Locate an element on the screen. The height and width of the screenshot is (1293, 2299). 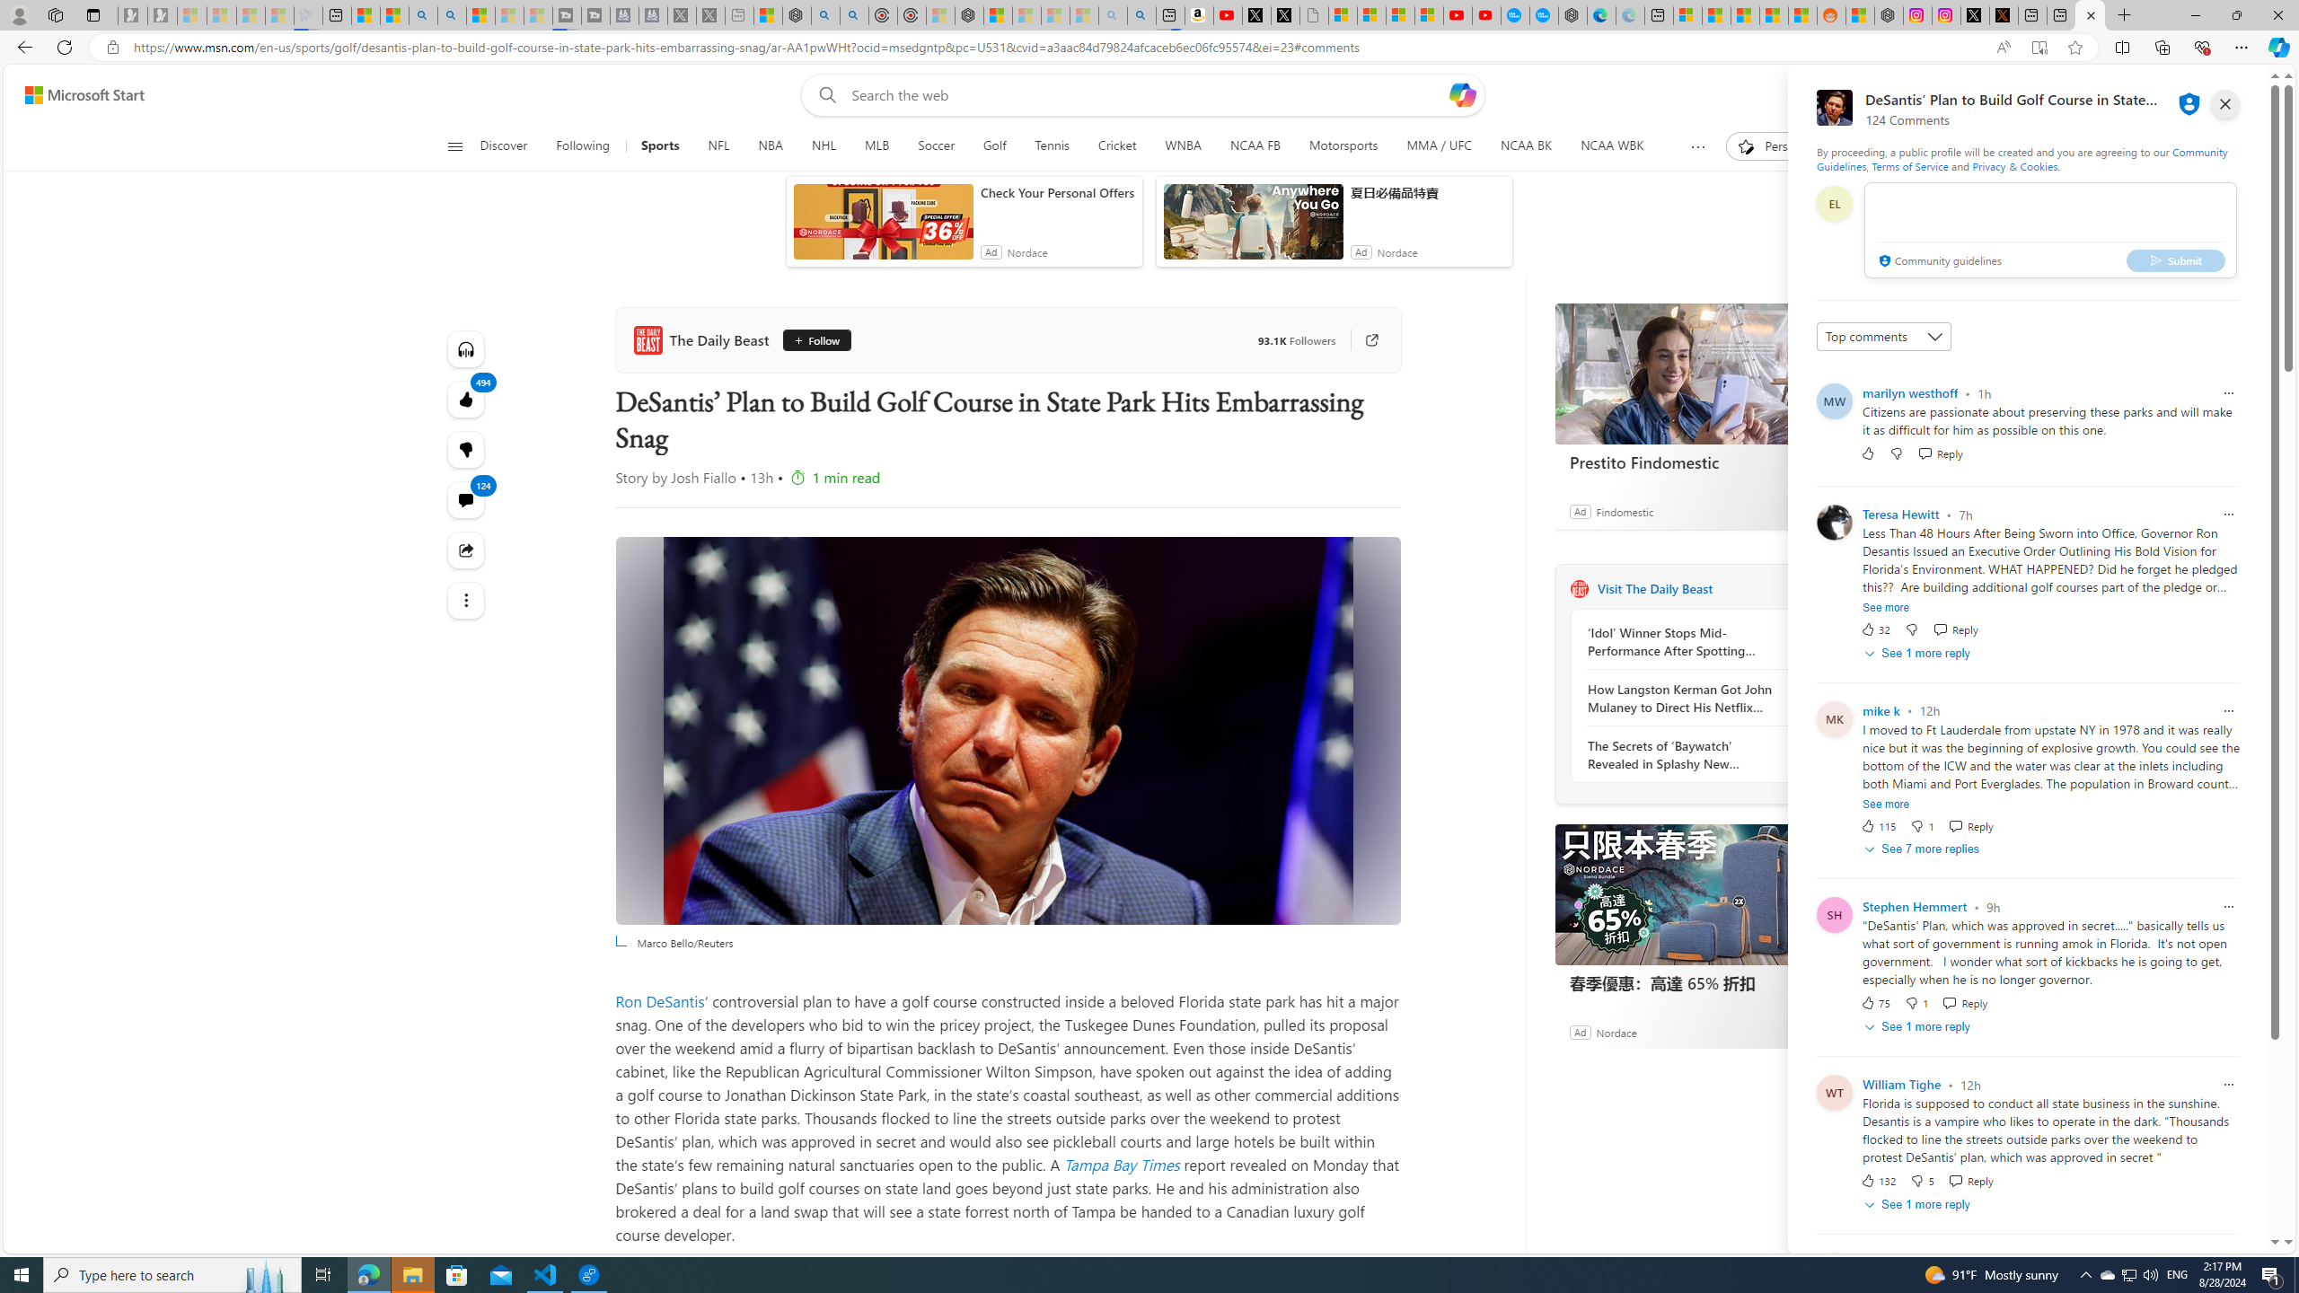
'Shanghai, China hourly forecast | Microsoft Weather' is located at coordinates (1746, 14).